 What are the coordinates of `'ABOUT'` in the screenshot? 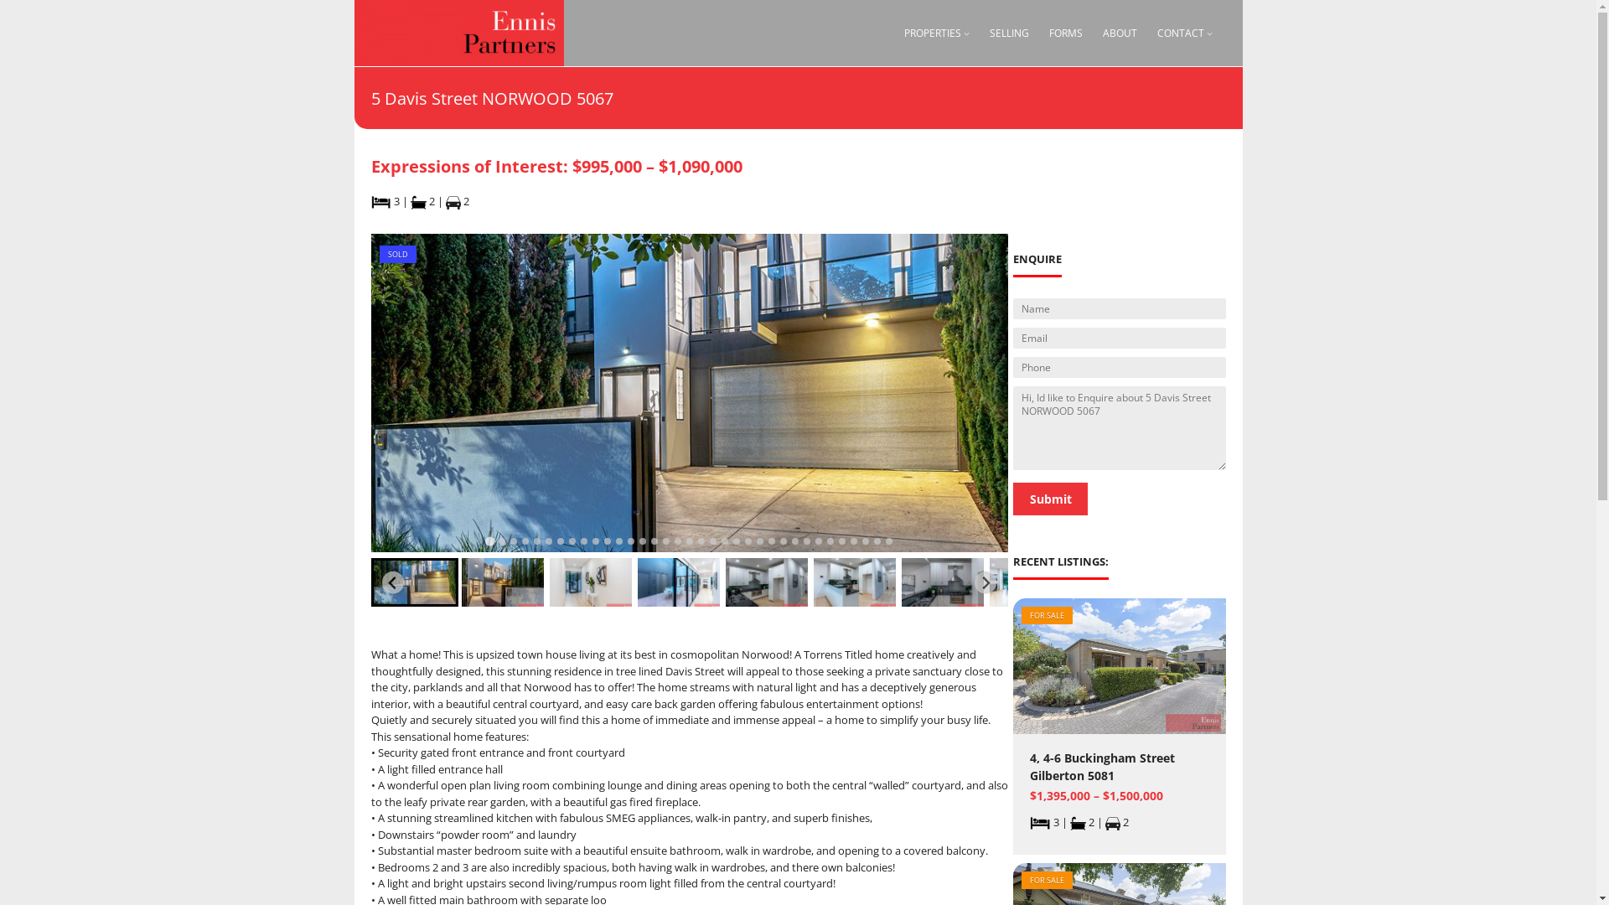 It's located at (1120, 33).